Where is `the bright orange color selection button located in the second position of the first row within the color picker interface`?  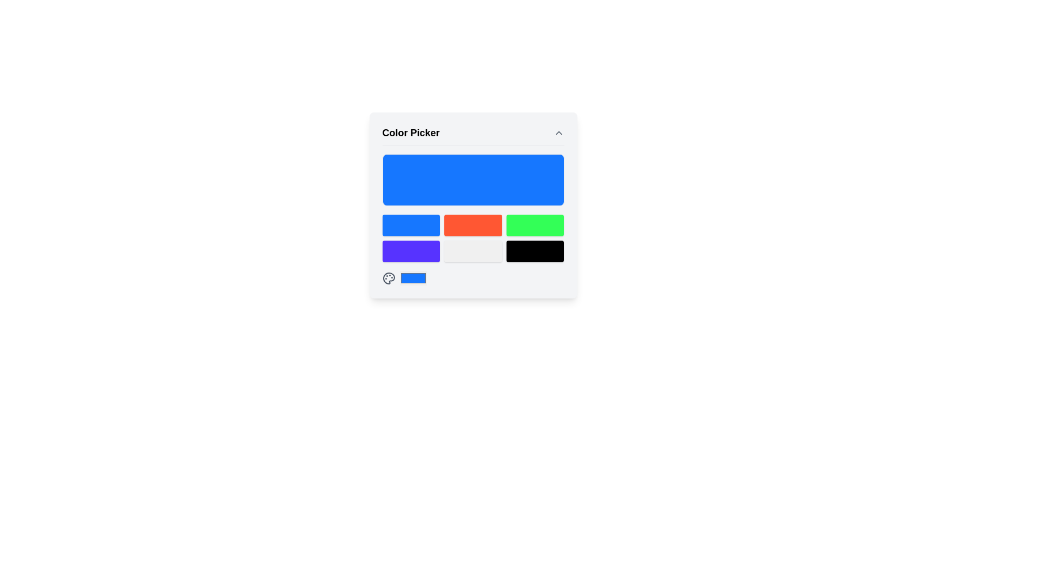
the bright orange color selection button located in the second position of the first row within the color picker interface is located at coordinates (473, 224).